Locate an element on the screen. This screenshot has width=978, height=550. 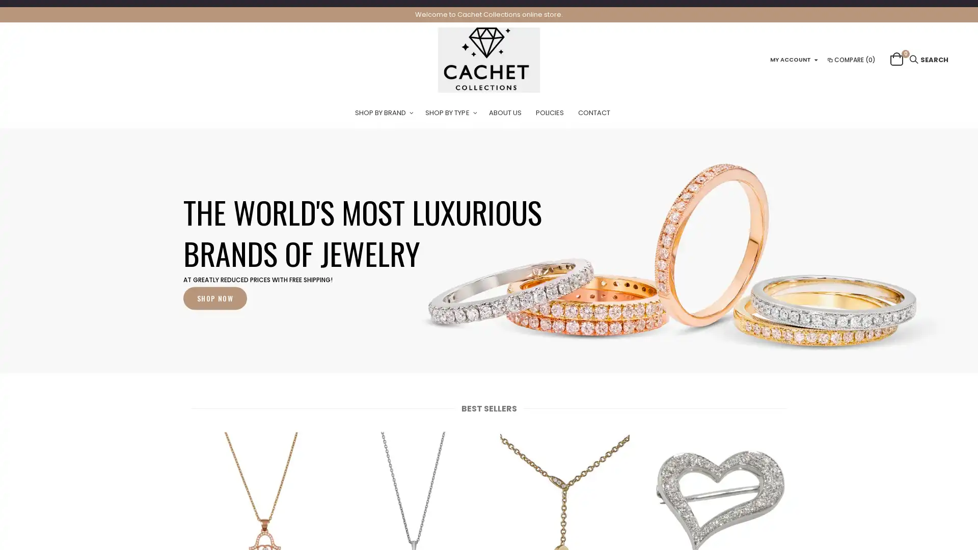
Send a message is located at coordinates (925, 522).